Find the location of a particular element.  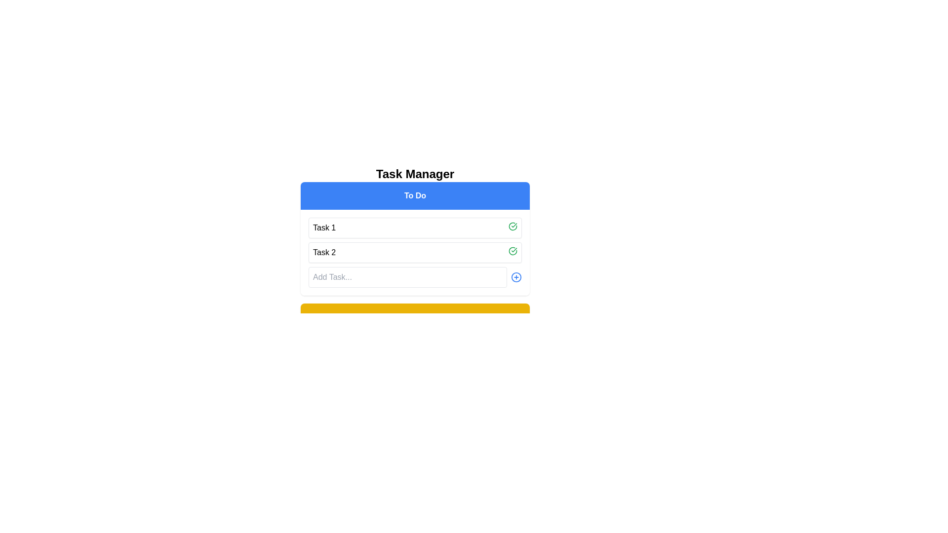

the 'Task 2' element, which is the second item in a vertically stacked list of tasks is located at coordinates (415, 252).